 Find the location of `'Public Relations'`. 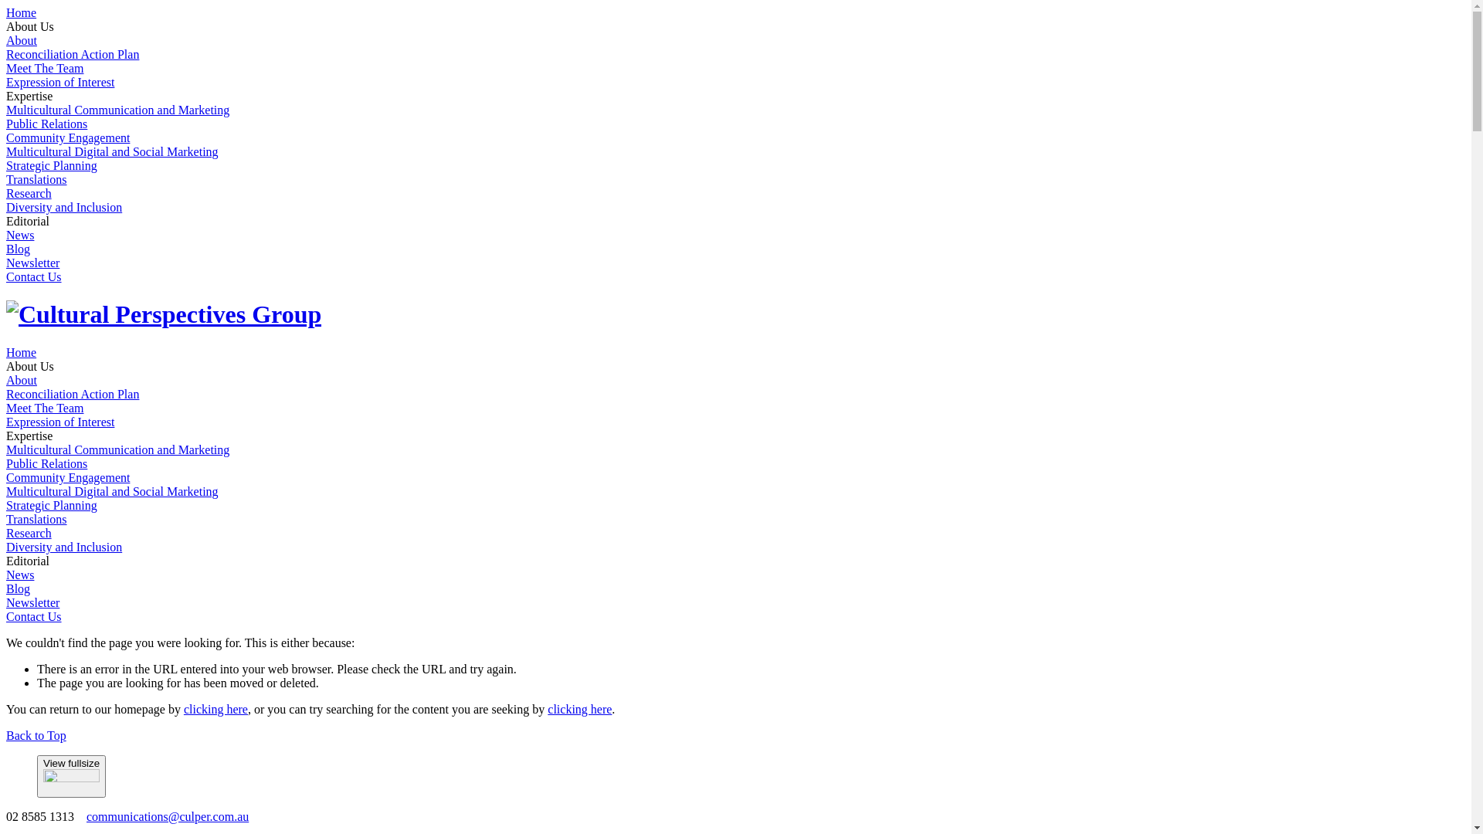

'Public Relations' is located at coordinates (46, 463).